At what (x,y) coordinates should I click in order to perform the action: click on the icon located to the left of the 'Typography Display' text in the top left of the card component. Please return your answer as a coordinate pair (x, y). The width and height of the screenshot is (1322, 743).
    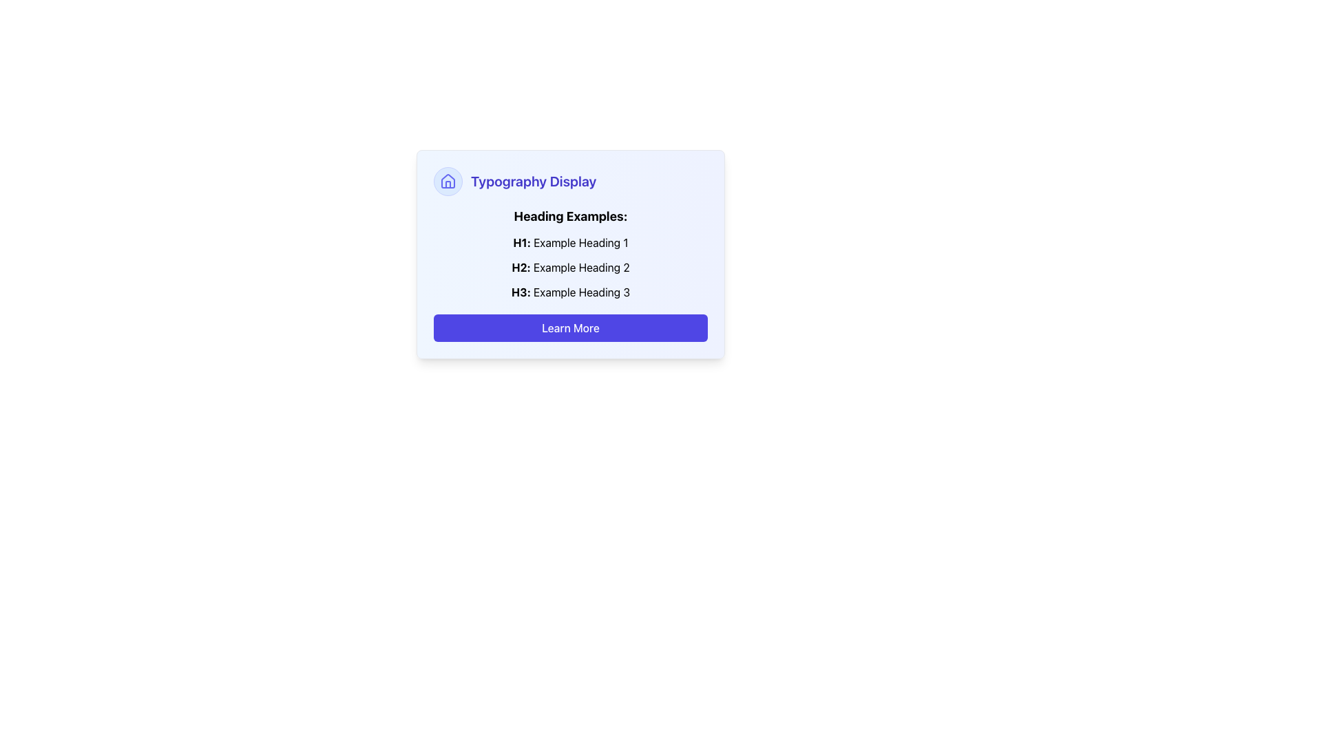
    Looking at the image, I should click on (448, 180).